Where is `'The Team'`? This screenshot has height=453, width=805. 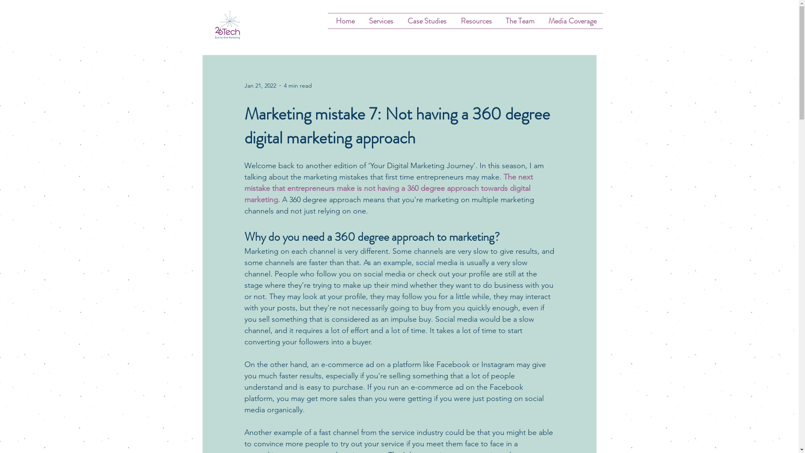
'The Team' is located at coordinates (498, 21).